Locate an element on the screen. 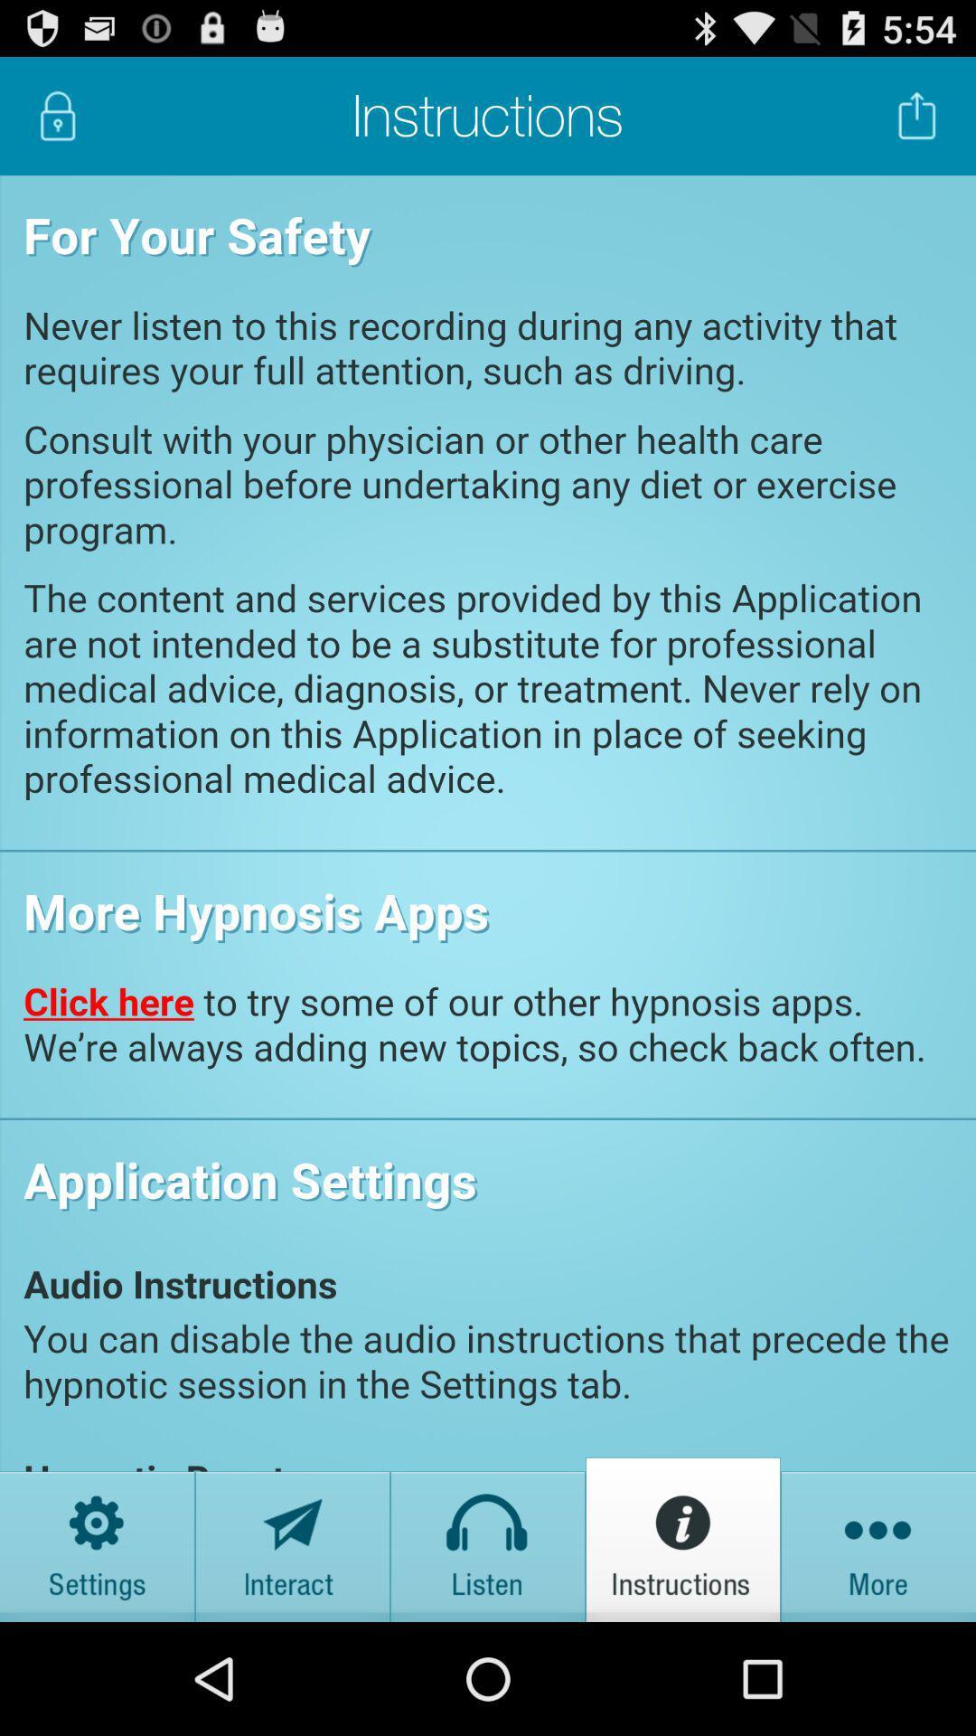 The image size is (976, 1736). lock screen is located at coordinates (57, 115).